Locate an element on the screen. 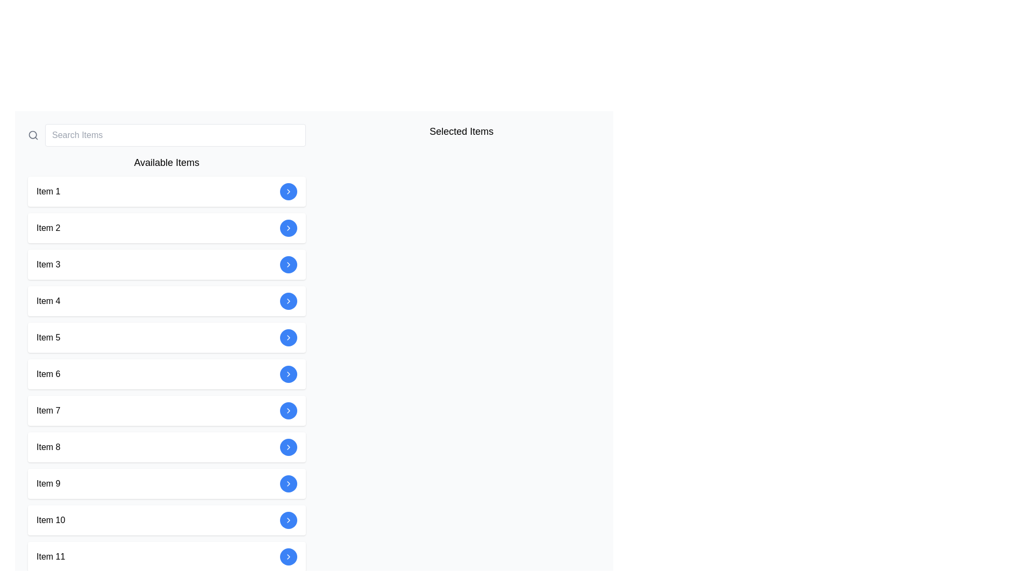  the circular blue button with a right-facing chevron icon located on the far right side of the list item labeled 'Item 11' to potentially reveal further information is located at coordinates (288, 556).